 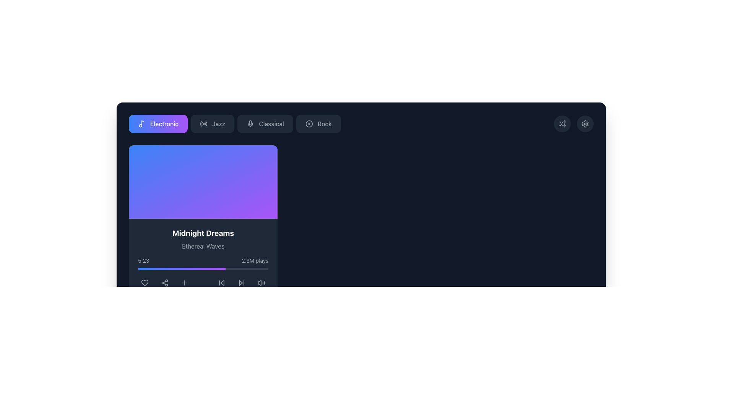 What do you see at coordinates (203, 124) in the screenshot?
I see `the small circular icon resembling radio waves located to the left of the text 'Jazz' in the rounded rectangle button labeled 'Jazz' in the top bar of the interface` at bounding box center [203, 124].